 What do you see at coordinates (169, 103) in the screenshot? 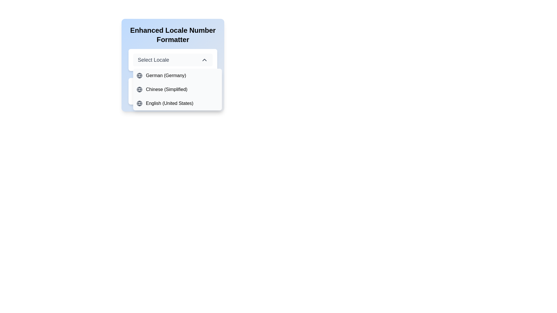
I see `the text display element showing 'English (United States)', which is the third option in the dropdown under 'Select Locale'` at bounding box center [169, 103].